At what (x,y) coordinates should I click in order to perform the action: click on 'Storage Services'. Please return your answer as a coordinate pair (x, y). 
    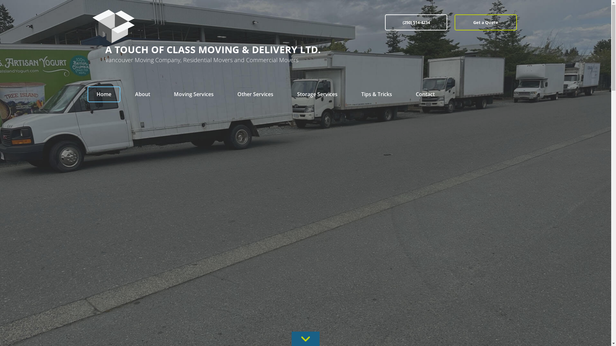
    Looking at the image, I should click on (317, 94).